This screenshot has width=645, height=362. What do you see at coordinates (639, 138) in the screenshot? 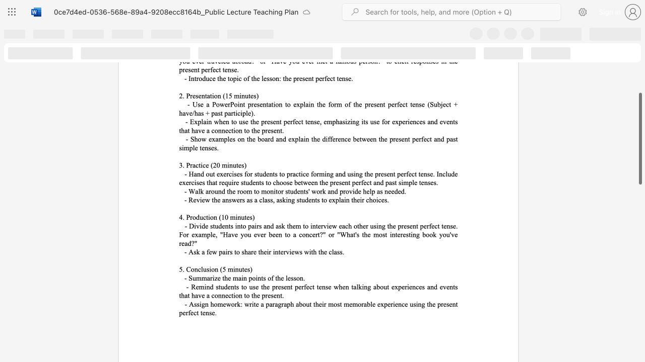
I see `the scrollbar and move down 1170 pixels` at bounding box center [639, 138].